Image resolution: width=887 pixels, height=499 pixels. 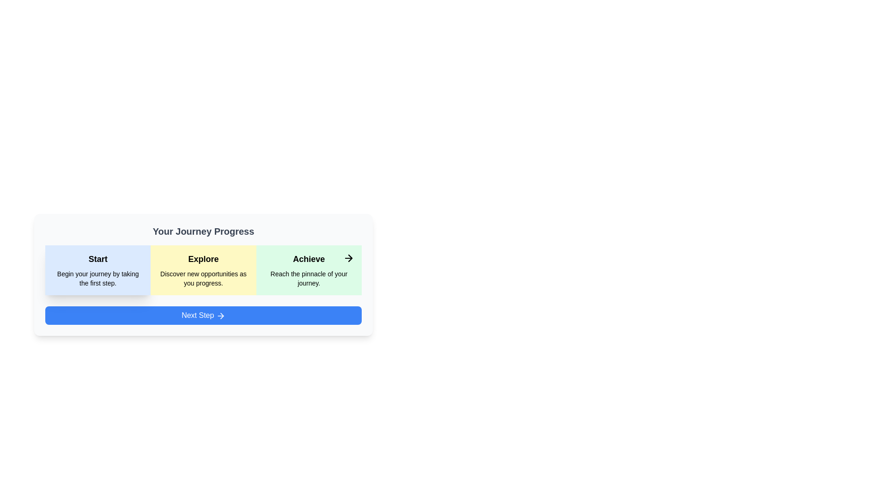 What do you see at coordinates (309, 259) in the screenshot?
I see `the bold, large-sized black text label reading 'Achieve' that is located at the top center of the third column in a light green box` at bounding box center [309, 259].